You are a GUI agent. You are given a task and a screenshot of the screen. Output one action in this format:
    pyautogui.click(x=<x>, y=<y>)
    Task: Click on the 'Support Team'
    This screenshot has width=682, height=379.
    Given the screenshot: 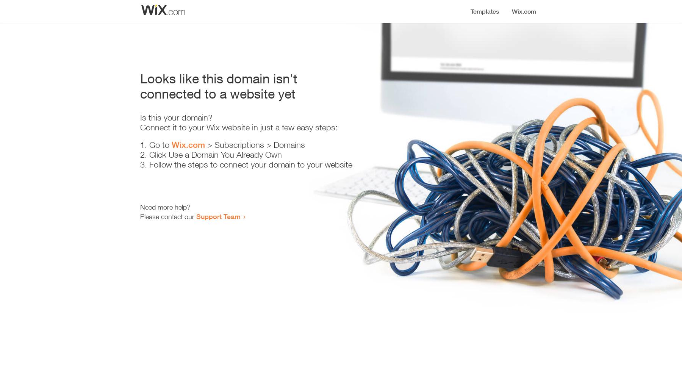 What is the action you would take?
    pyautogui.click(x=218, y=216)
    